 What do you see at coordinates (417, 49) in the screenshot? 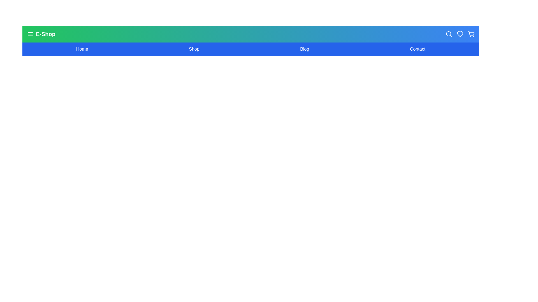
I see `the navigation link Contact` at bounding box center [417, 49].